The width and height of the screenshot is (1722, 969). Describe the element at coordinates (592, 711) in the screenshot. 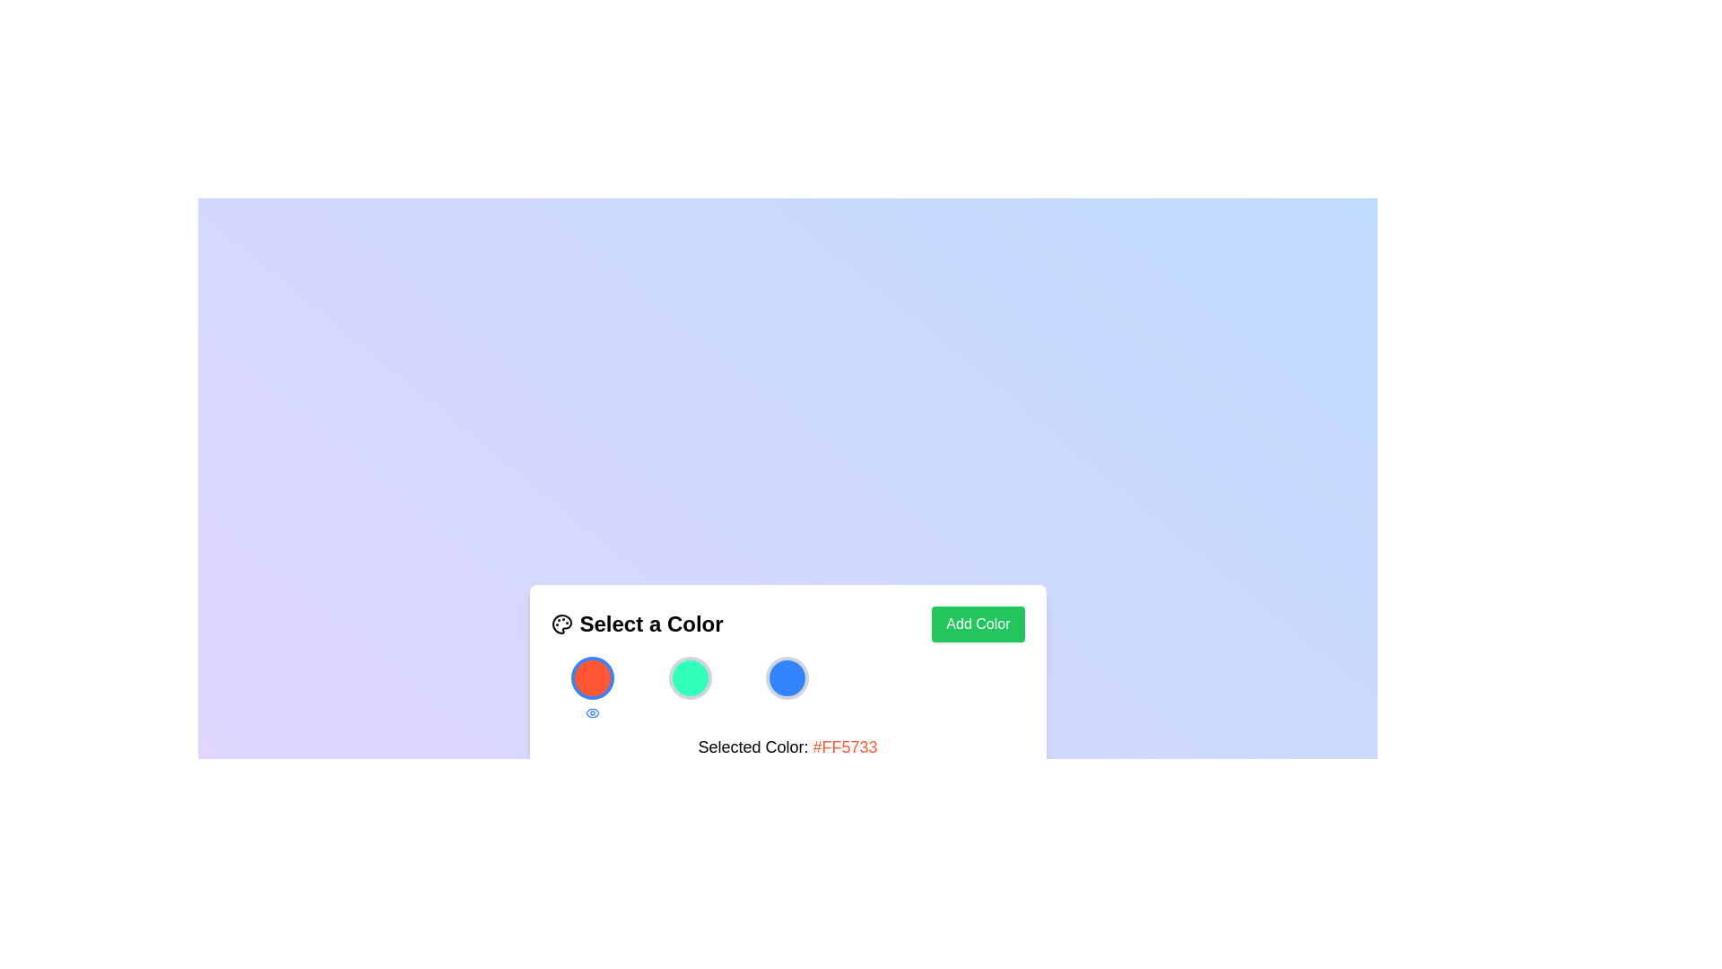

I see `the eye-shaped icon with a blue outline located beneath the circular color button in the interface` at that location.